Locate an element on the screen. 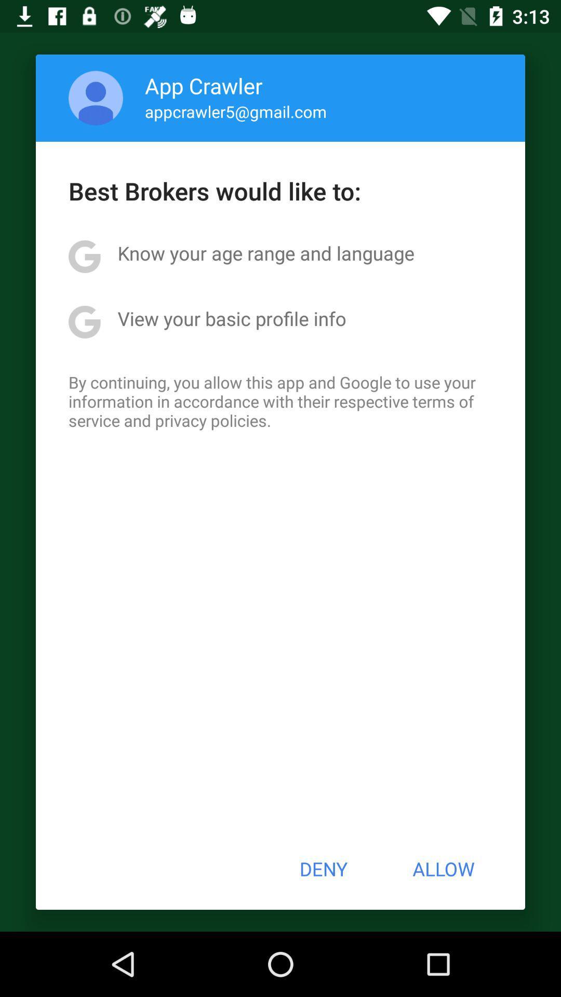 The image size is (561, 997). app to the left of app crawler is located at coordinates (96, 98).